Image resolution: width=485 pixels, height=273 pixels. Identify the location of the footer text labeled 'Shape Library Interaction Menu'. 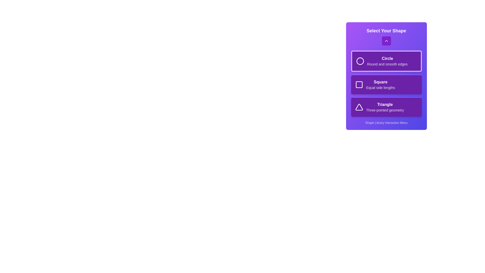
(386, 123).